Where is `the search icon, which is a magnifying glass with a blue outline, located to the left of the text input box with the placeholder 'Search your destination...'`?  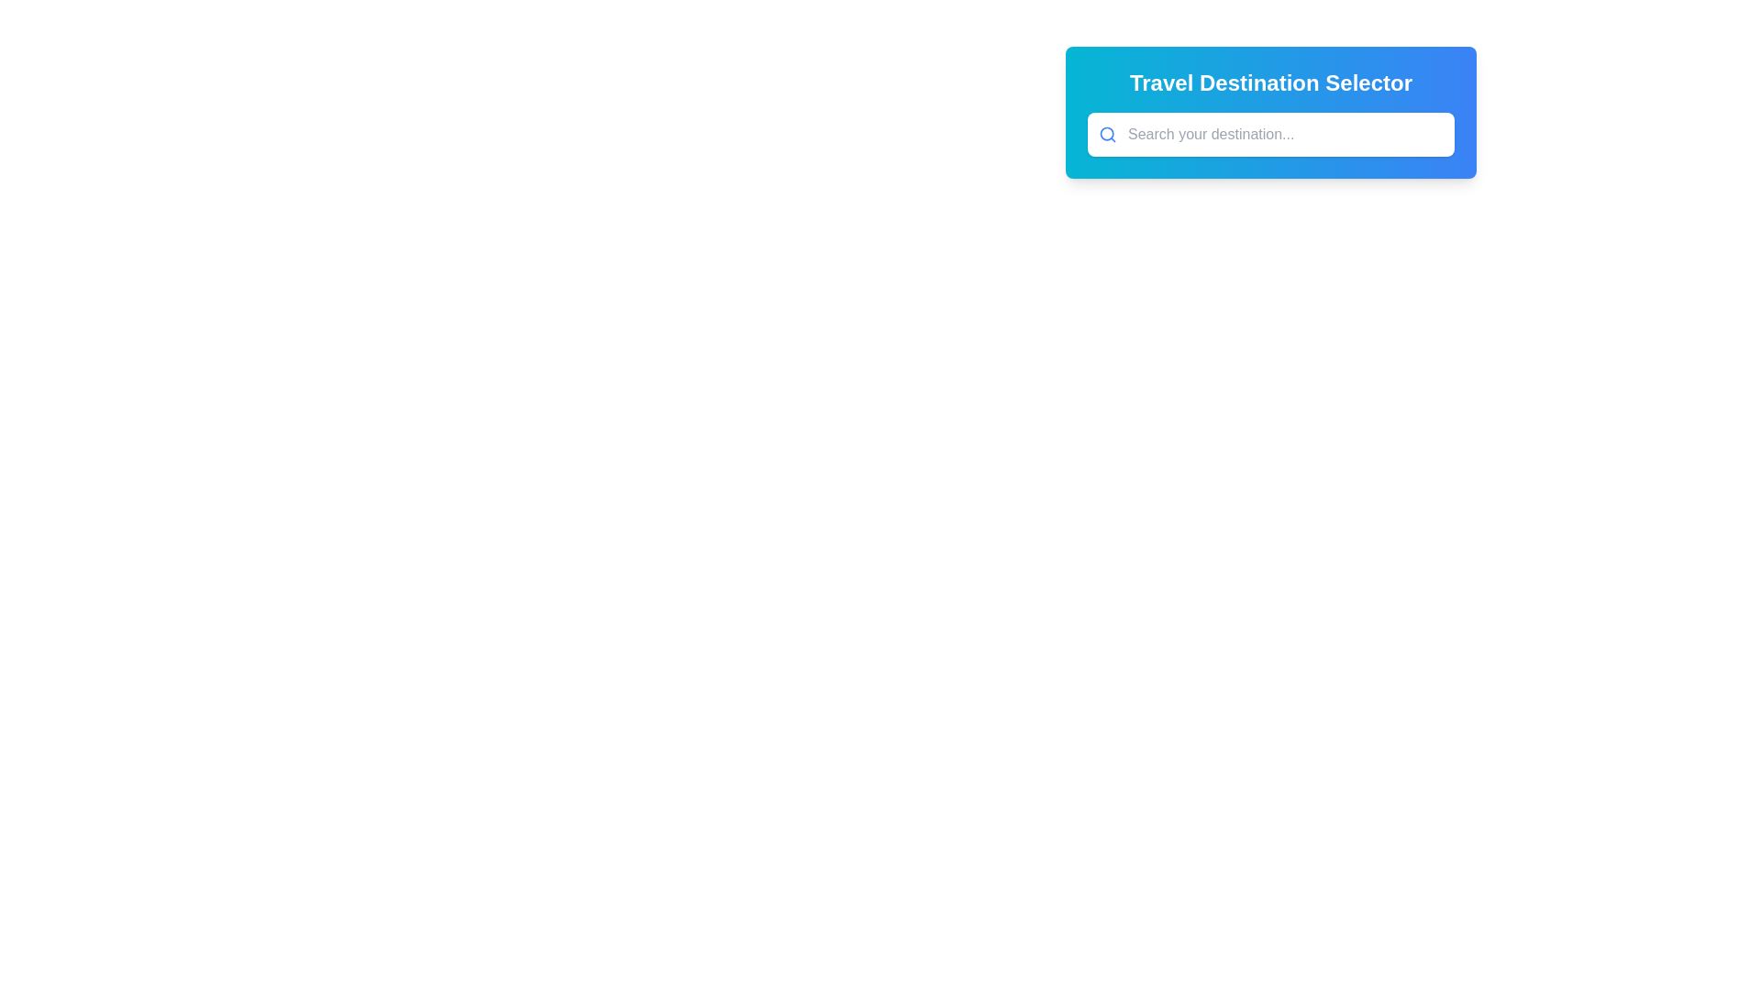 the search icon, which is a magnifying glass with a blue outline, located to the left of the text input box with the placeholder 'Search your destination...' is located at coordinates (1107, 133).